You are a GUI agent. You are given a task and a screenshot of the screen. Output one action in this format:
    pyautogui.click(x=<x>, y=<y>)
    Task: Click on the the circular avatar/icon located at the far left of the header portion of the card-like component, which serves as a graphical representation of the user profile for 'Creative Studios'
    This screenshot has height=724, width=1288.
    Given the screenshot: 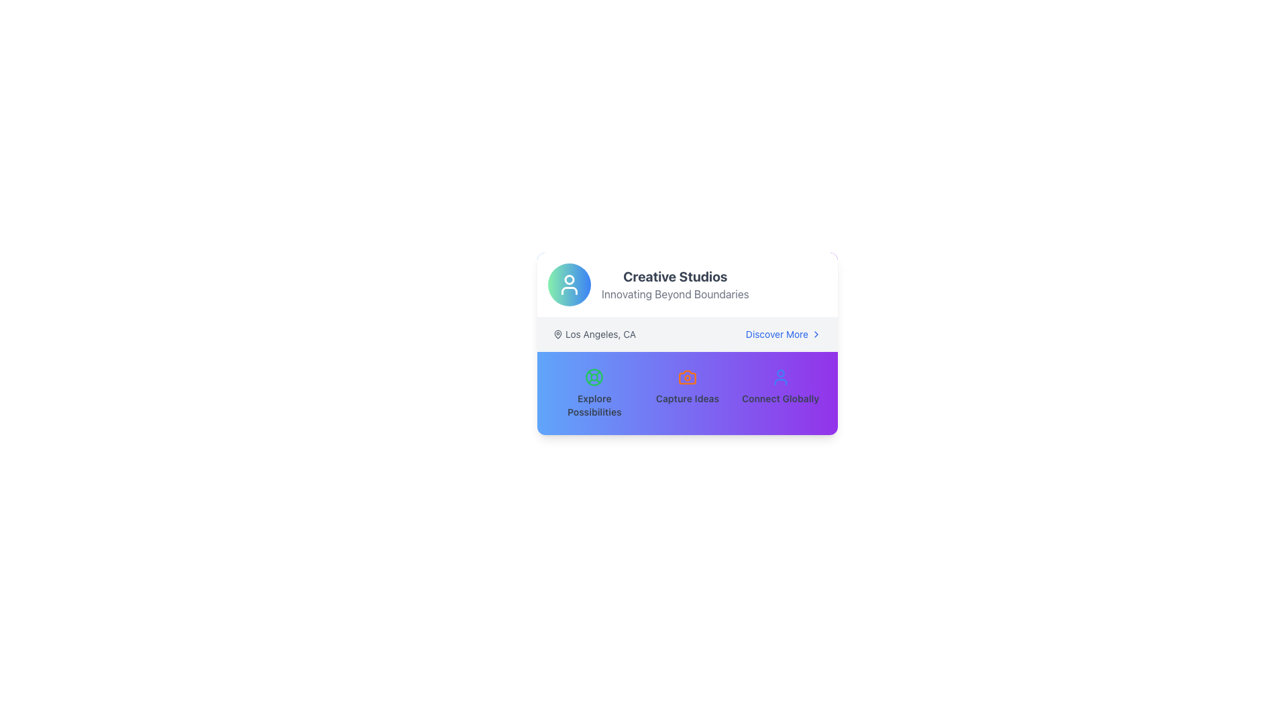 What is the action you would take?
    pyautogui.click(x=570, y=284)
    